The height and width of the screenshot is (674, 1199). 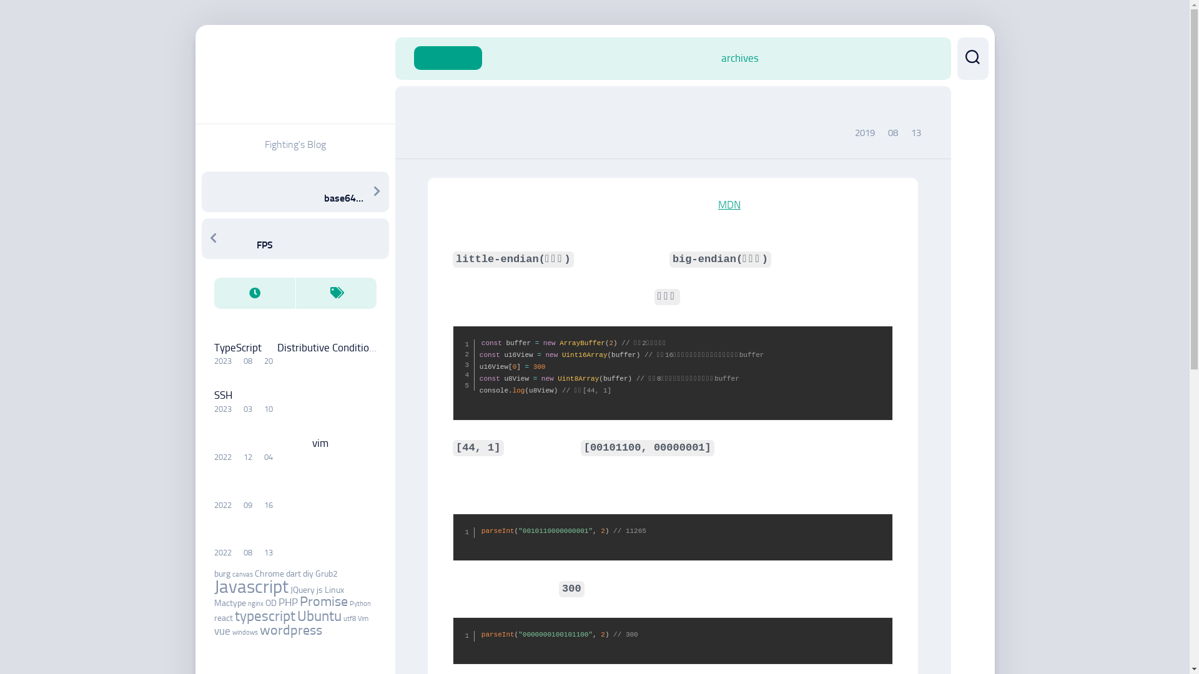 What do you see at coordinates (362, 618) in the screenshot?
I see `'Vim'` at bounding box center [362, 618].